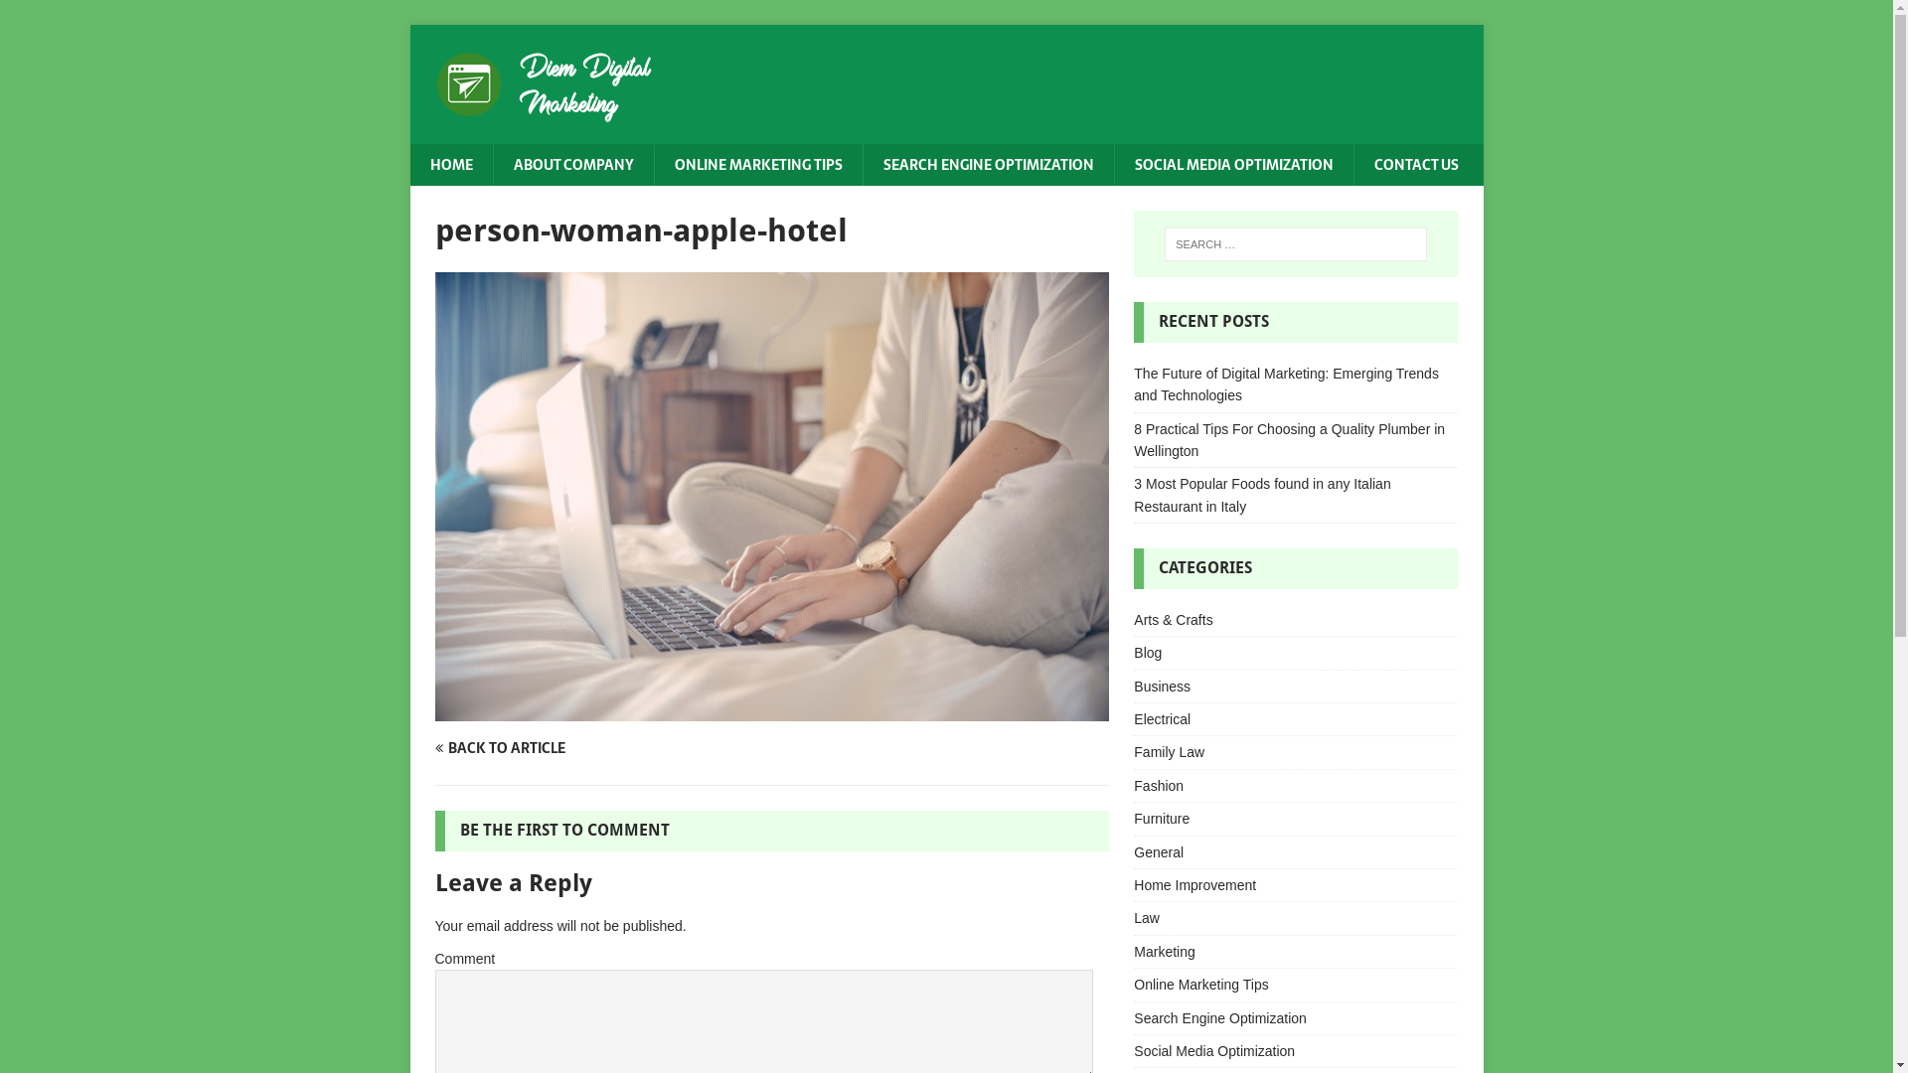 This screenshot has width=1908, height=1073. Describe the element at coordinates (1296, 985) in the screenshot. I see `'Online Marketing Tips'` at that location.